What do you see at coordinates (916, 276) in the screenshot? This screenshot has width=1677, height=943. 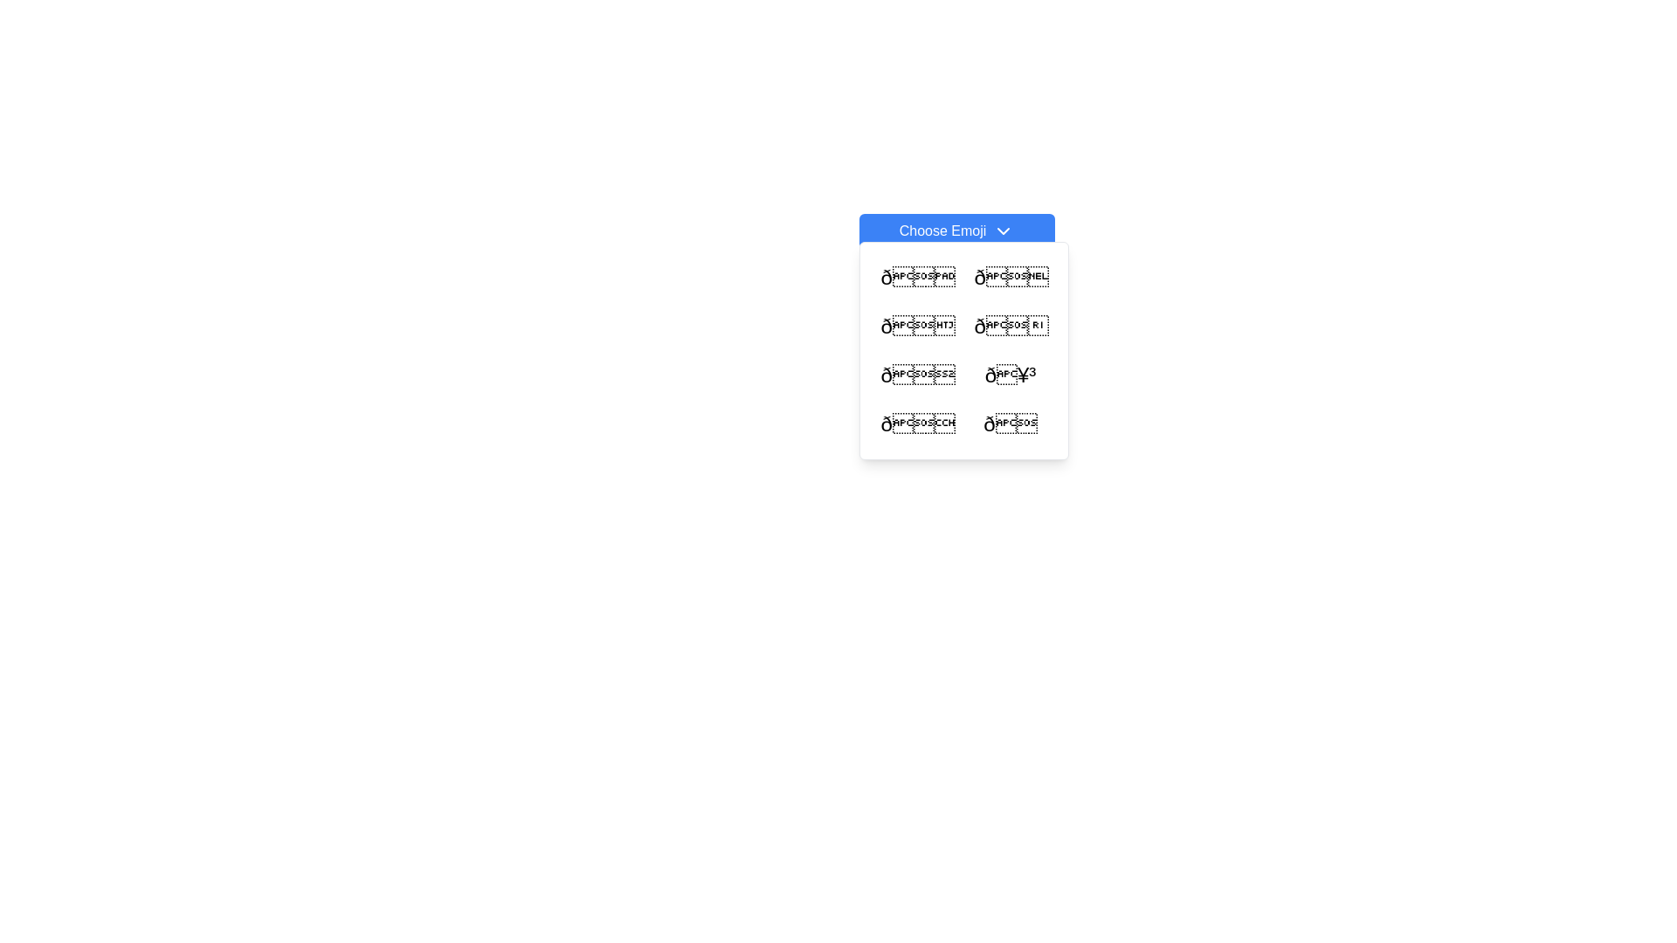 I see `the Emoji selector, which is the first item in a 2-column grid layout` at bounding box center [916, 276].